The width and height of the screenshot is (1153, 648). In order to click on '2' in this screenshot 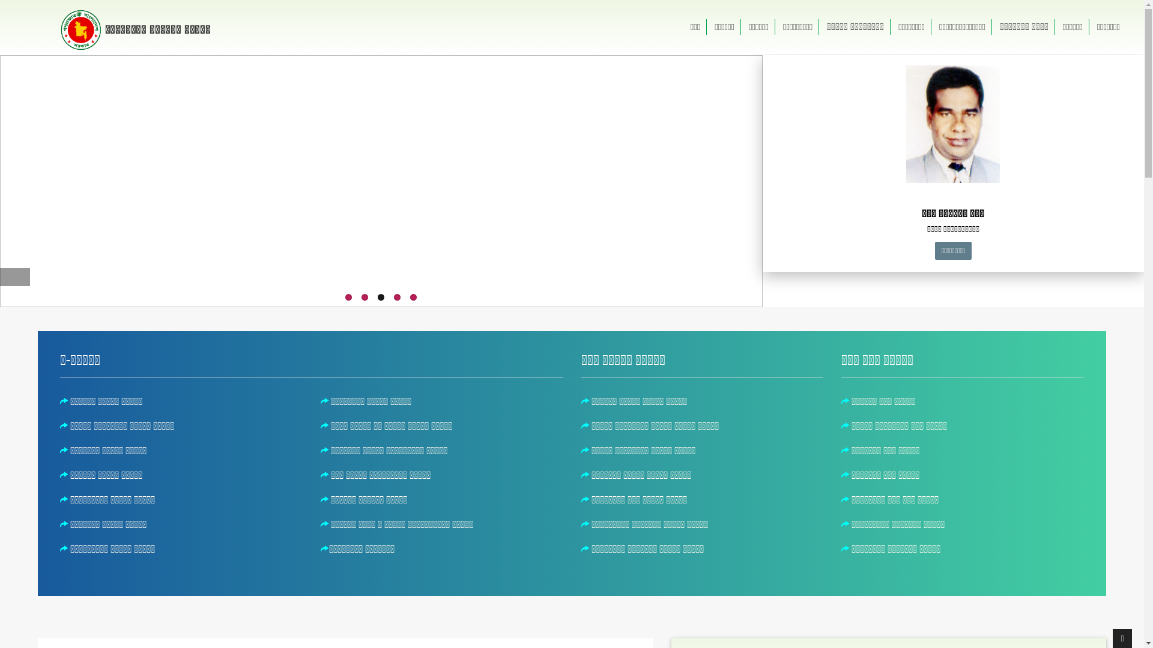, I will do `click(364, 297)`.